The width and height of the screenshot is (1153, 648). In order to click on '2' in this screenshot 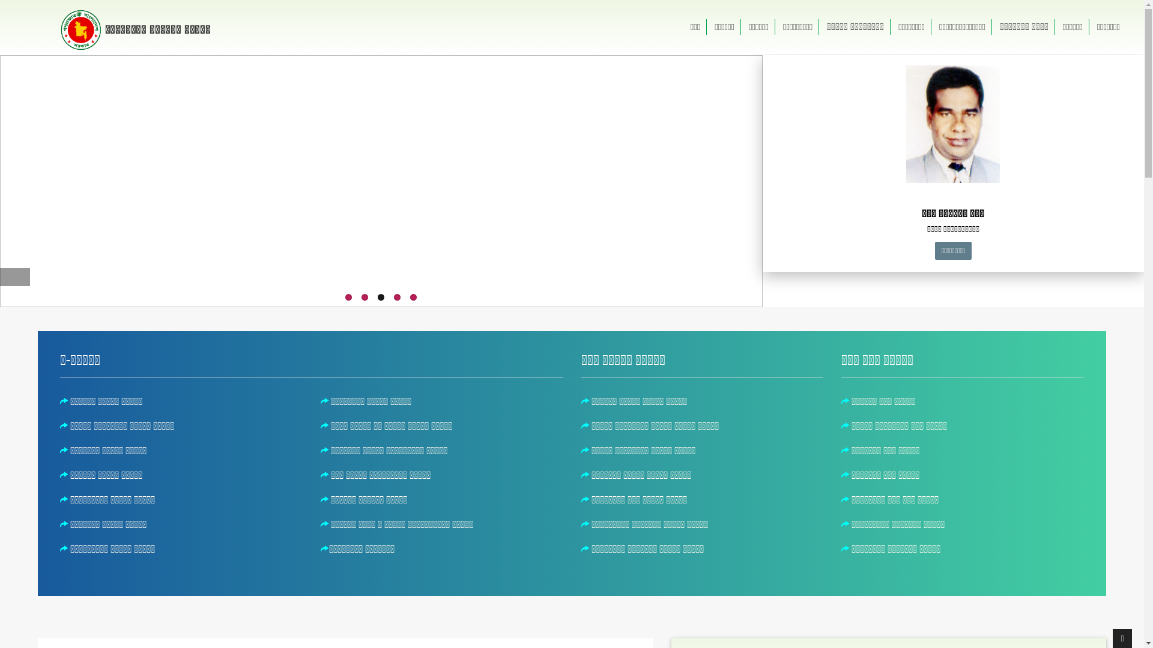, I will do `click(364, 297)`.